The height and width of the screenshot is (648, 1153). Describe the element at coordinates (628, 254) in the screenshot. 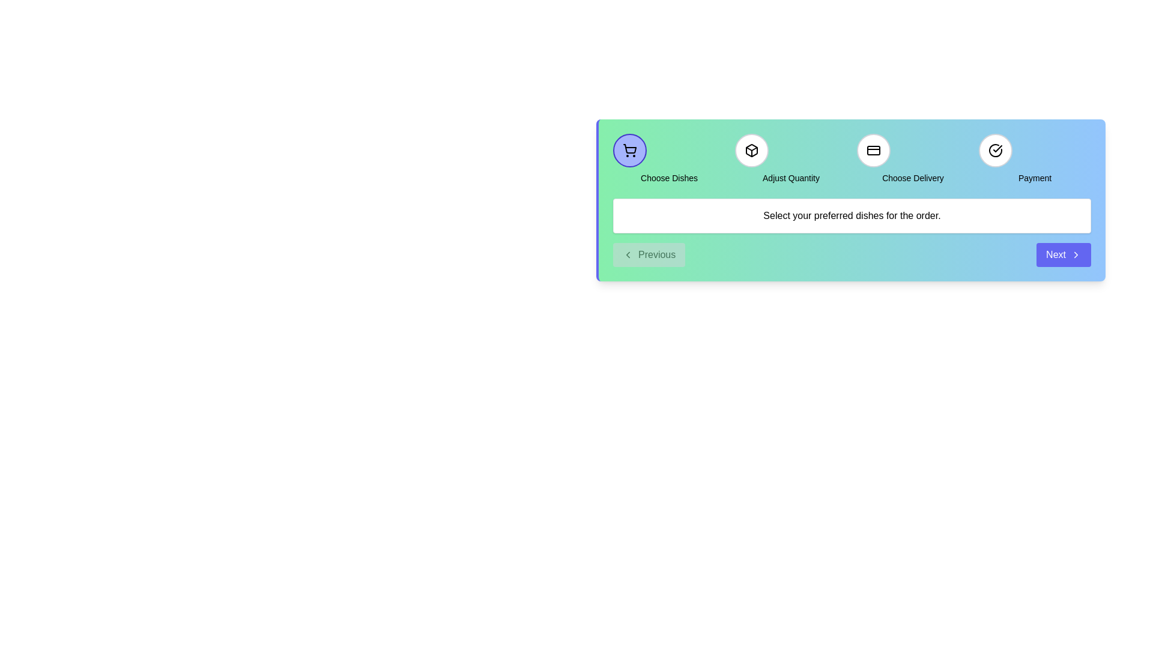

I see `the chevron SVG icon in the lower-left corner of the card-like interface` at that location.